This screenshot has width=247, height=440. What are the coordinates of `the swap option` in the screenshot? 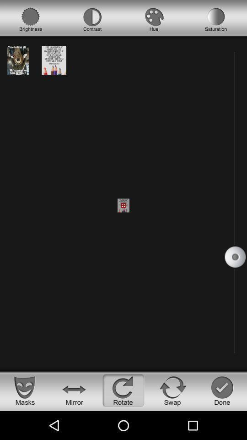 It's located at (173, 390).